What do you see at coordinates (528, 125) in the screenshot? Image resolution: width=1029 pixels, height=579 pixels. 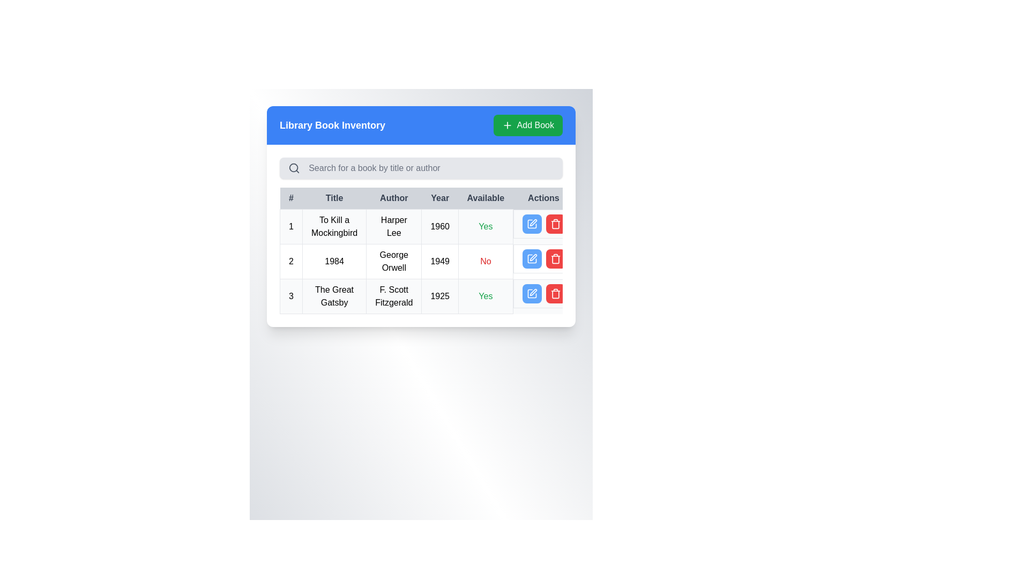 I see `the 'Add Book' button located in the top-right corner of the 'Library Book Inventory' header bar to initiate the Add Book action` at bounding box center [528, 125].